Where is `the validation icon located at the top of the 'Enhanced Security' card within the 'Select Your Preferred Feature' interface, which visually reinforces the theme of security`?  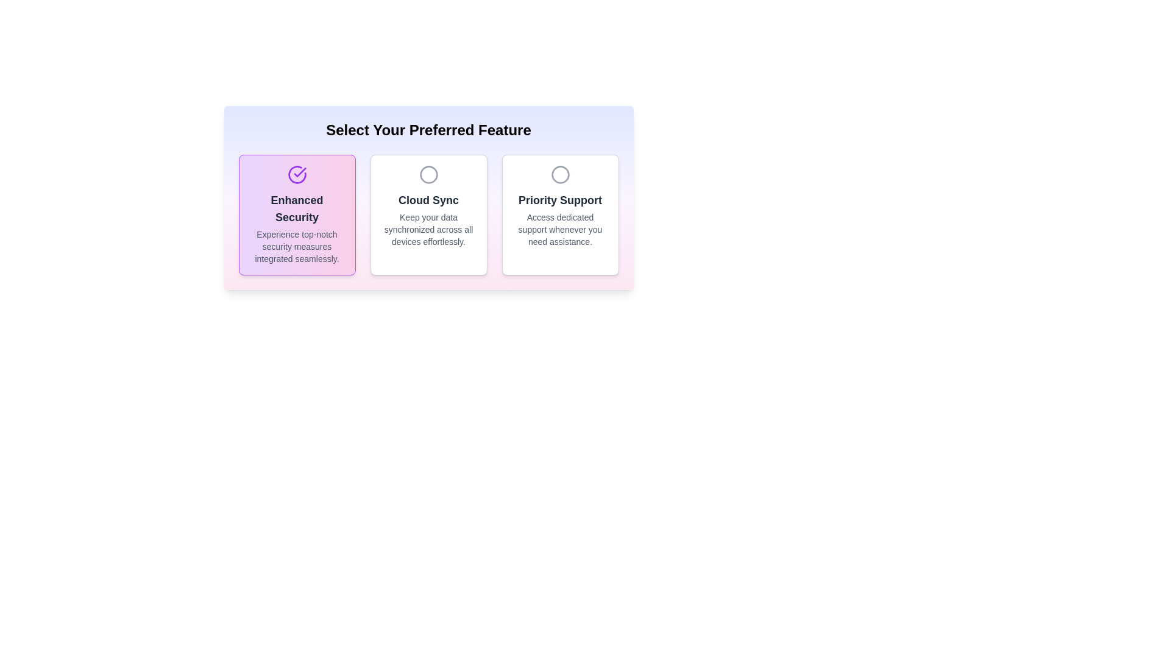 the validation icon located at the top of the 'Enhanced Security' card within the 'Select Your Preferred Feature' interface, which visually reinforces the theme of security is located at coordinates (297, 174).